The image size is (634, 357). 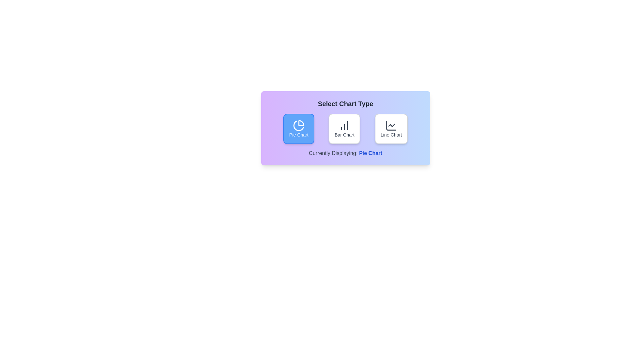 What do you see at coordinates (391, 129) in the screenshot?
I see `the Line Chart button to observe its hover effect` at bounding box center [391, 129].